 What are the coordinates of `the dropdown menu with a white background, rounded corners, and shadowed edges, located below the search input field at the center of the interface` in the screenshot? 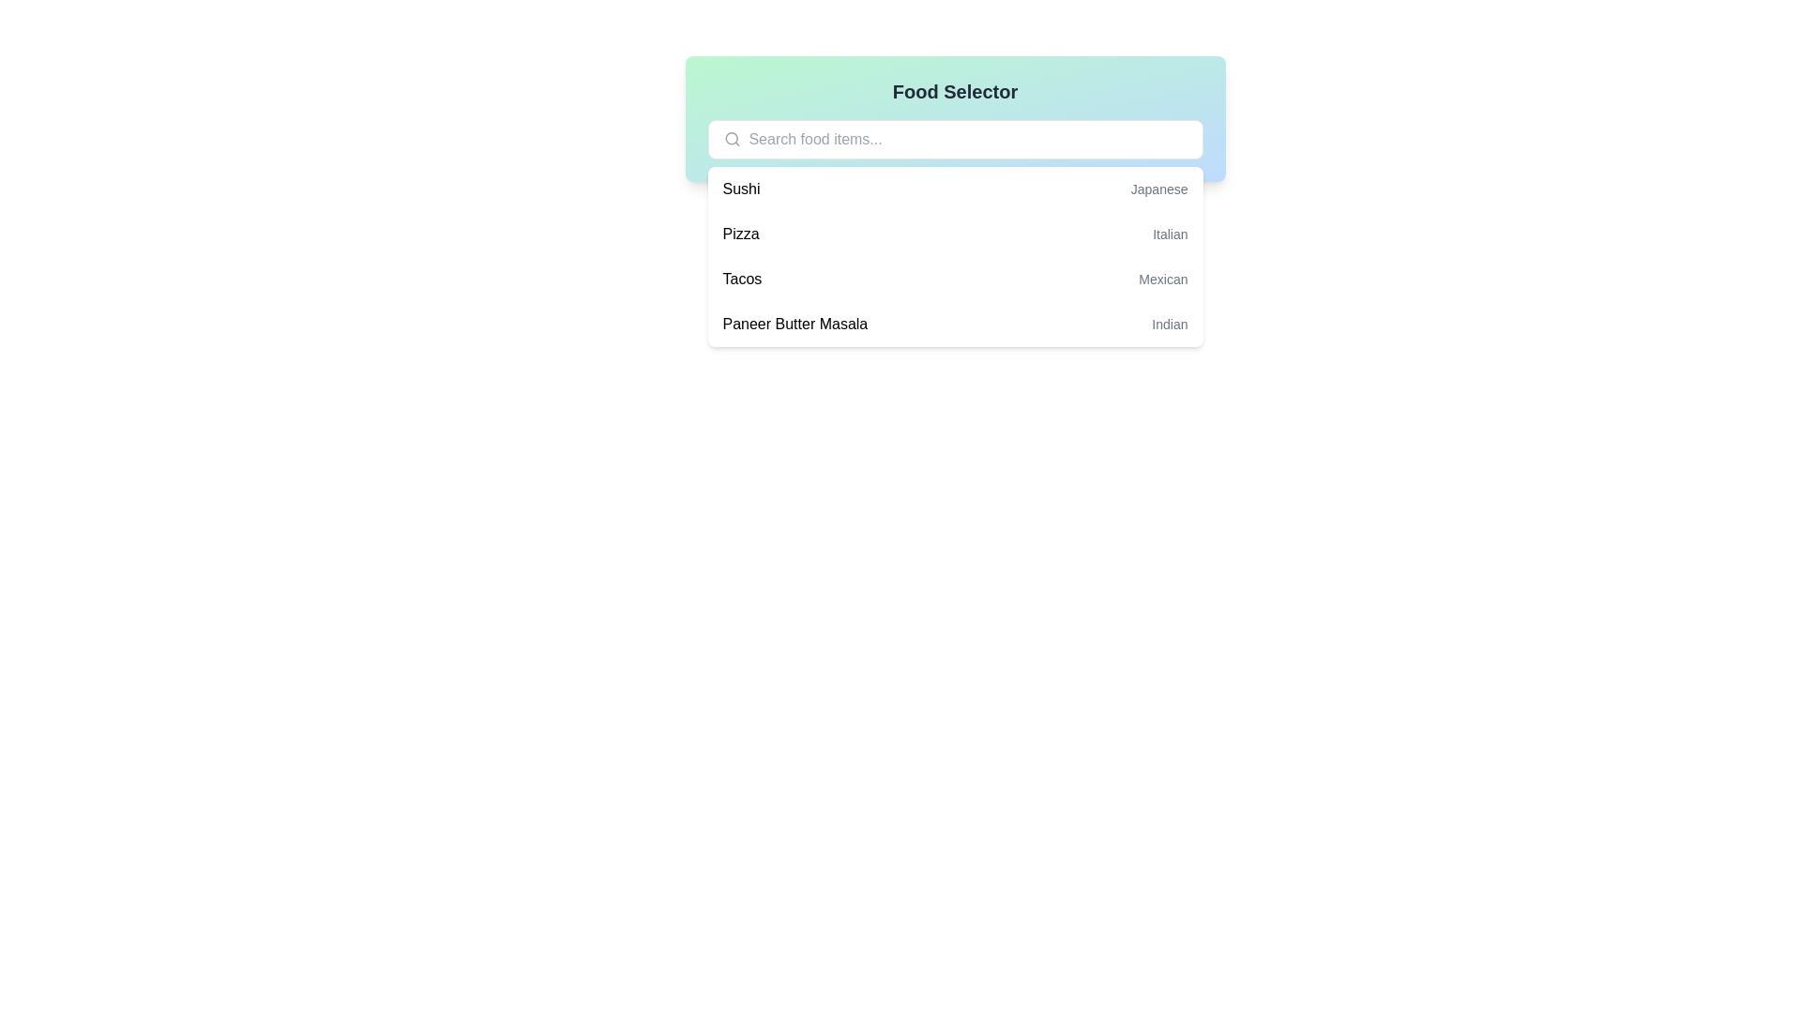 It's located at (955, 256).